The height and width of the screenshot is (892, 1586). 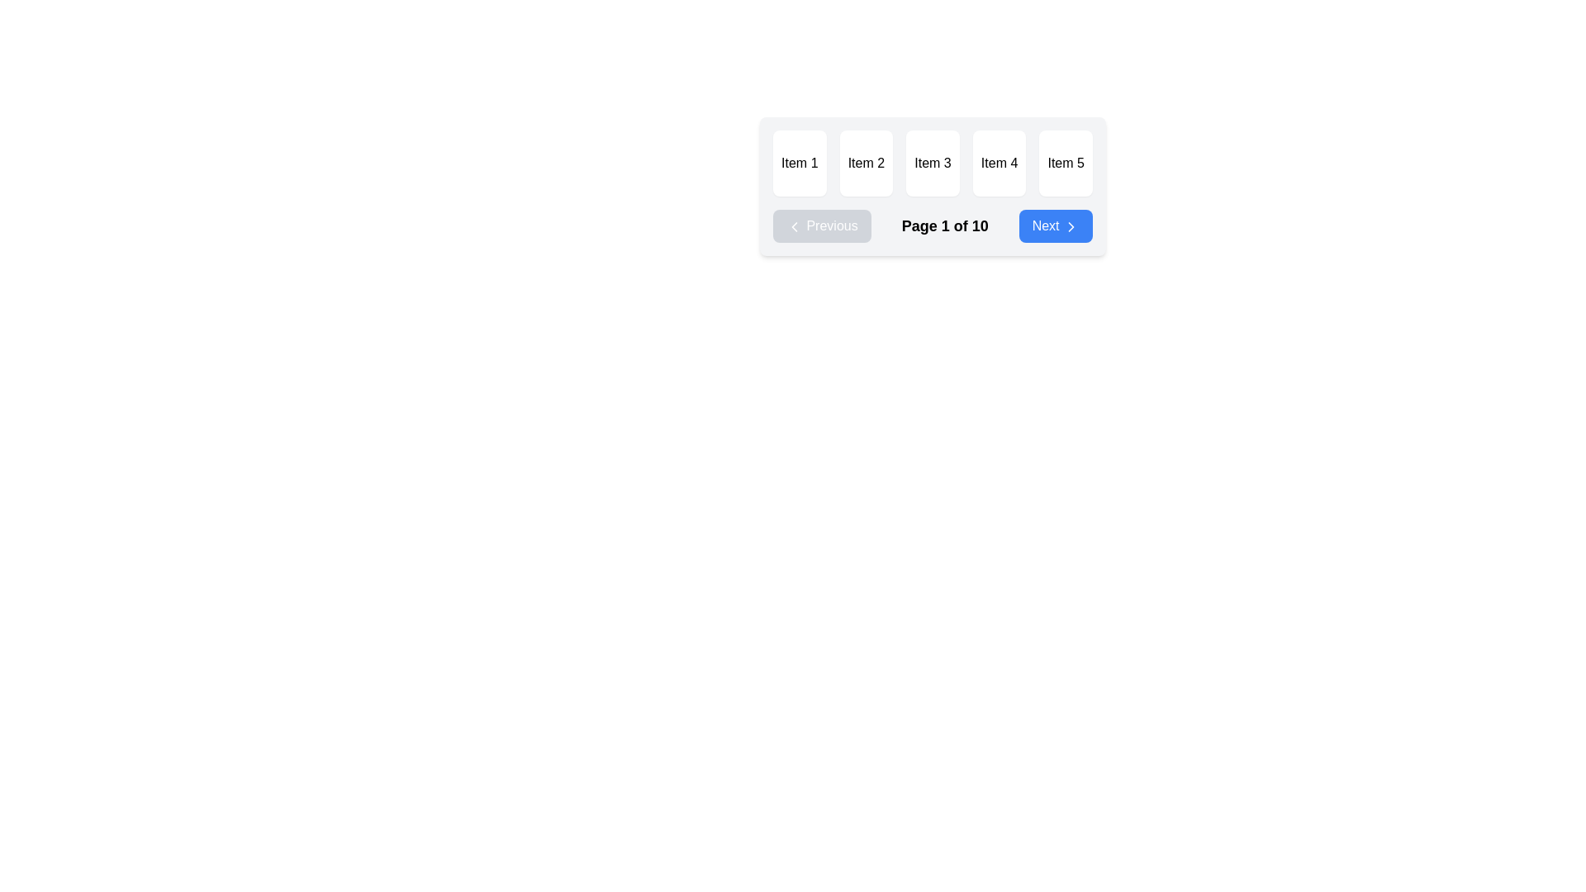 What do you see at coordinates (933, 225) in the screenshot?
I see `text 'Page 1 of 10' displayed in the center of the pagination bar, which is located beneath the grid of items and serves as a page indicator` at bounding box center [933, 225].